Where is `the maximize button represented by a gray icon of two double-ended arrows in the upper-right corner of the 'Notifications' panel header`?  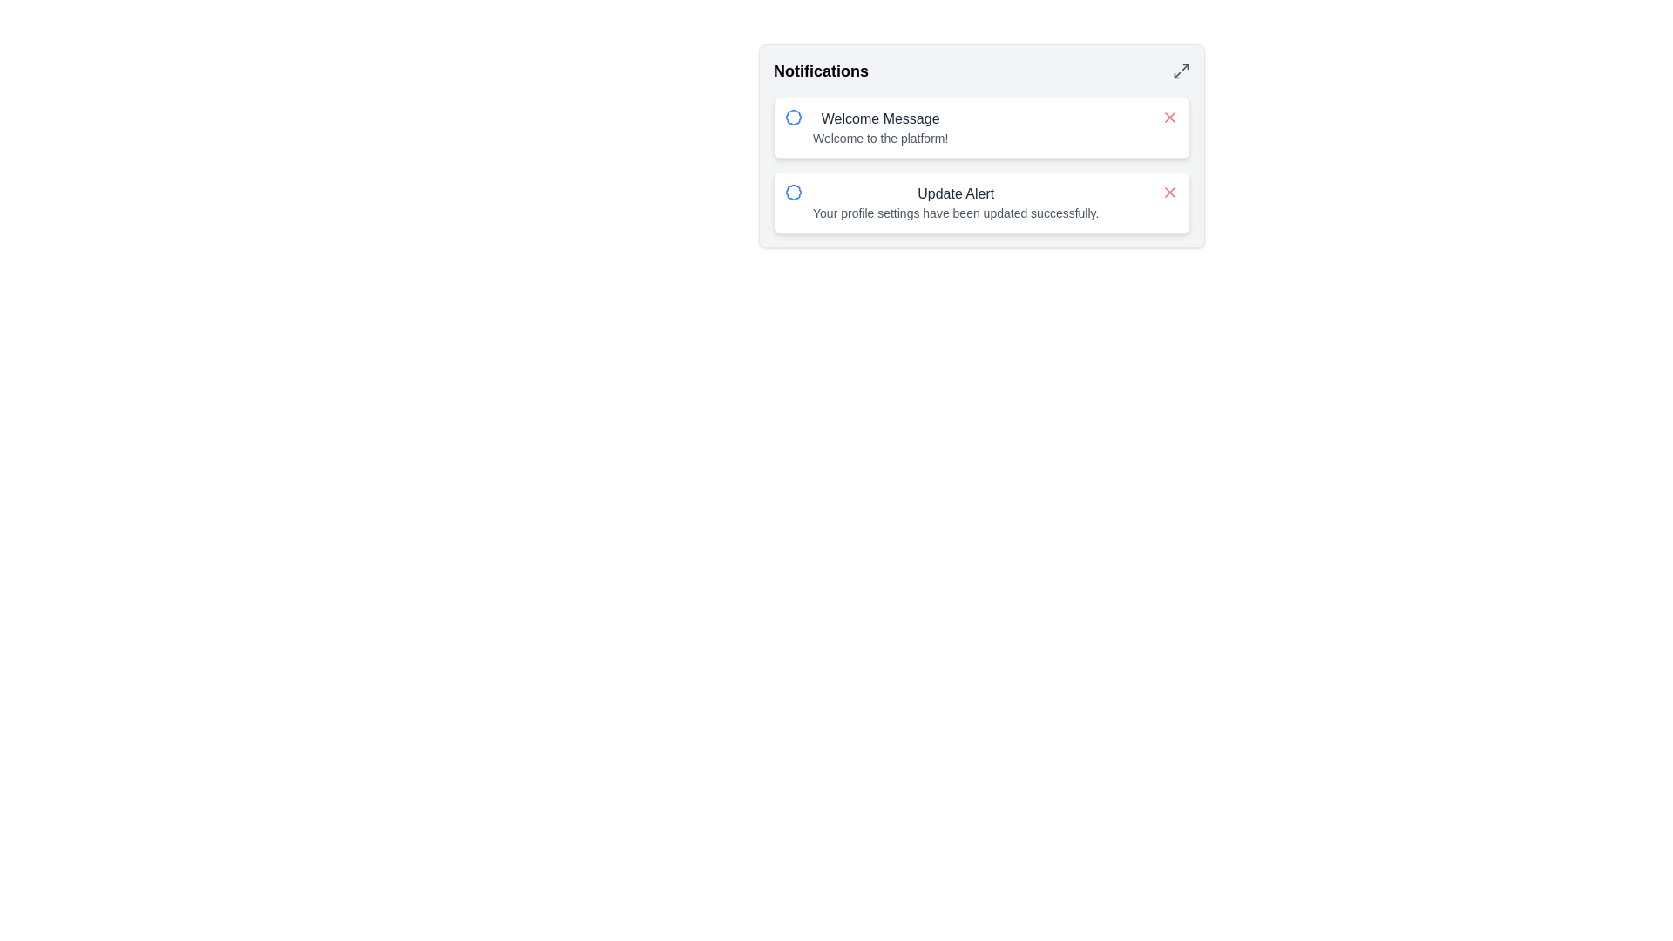 the maximize button represented by a gray icon of two double-ended arrows in the upper-right corner of the 'Notifications' panel header is located at coordinates (1182, 70).